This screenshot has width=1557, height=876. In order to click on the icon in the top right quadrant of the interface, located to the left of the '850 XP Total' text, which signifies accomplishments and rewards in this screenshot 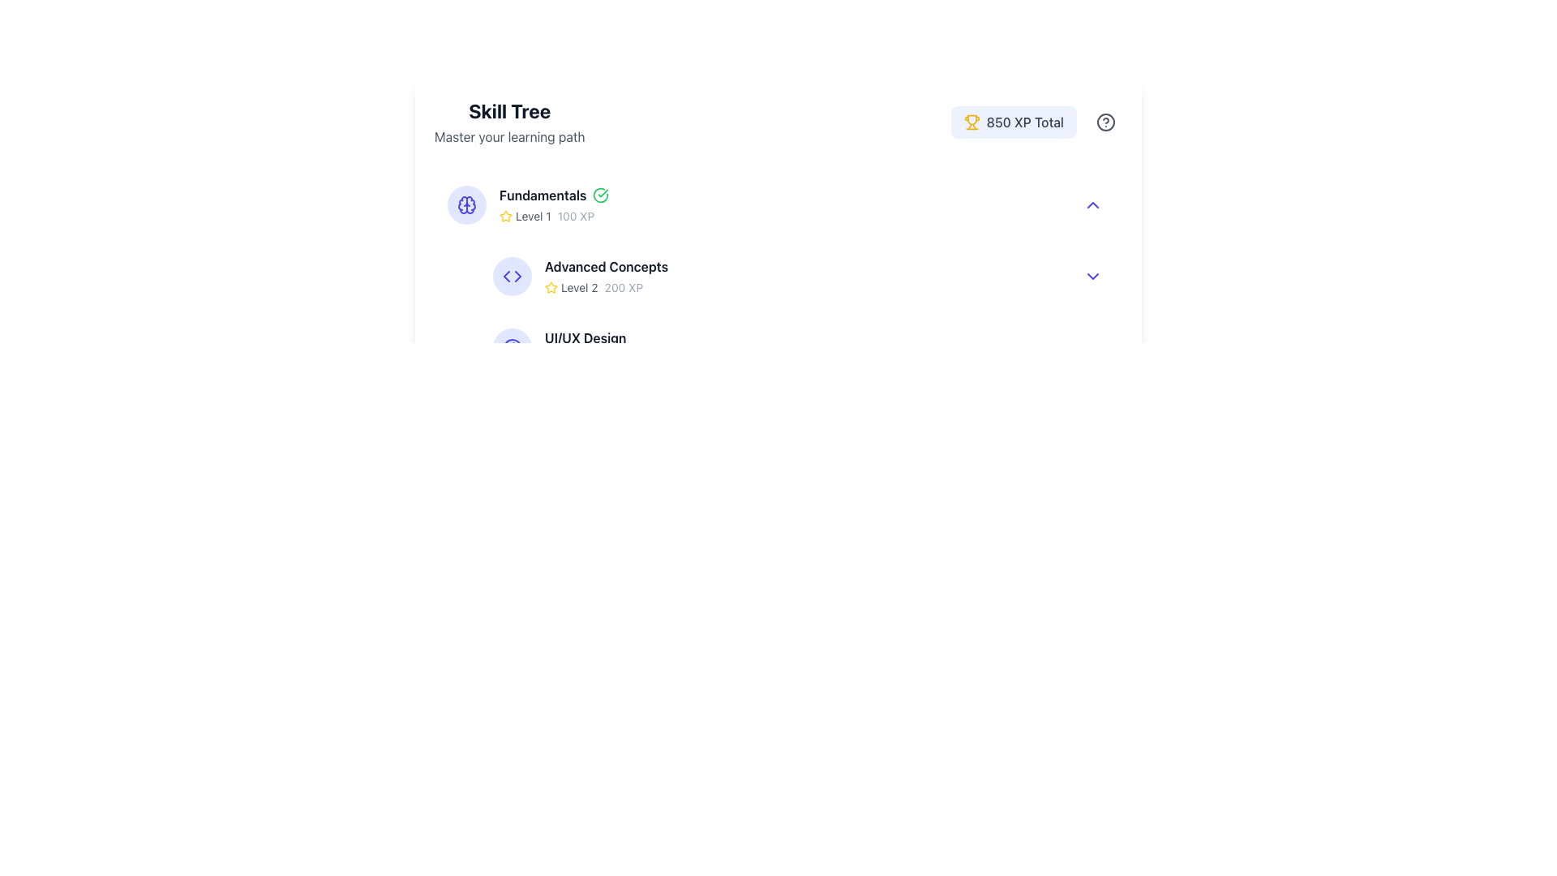, I will do `click(972, 121)`.